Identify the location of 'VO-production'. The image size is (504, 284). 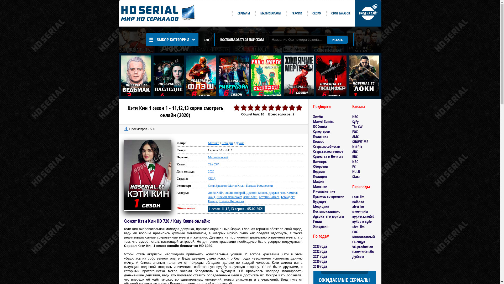
(362, 247).